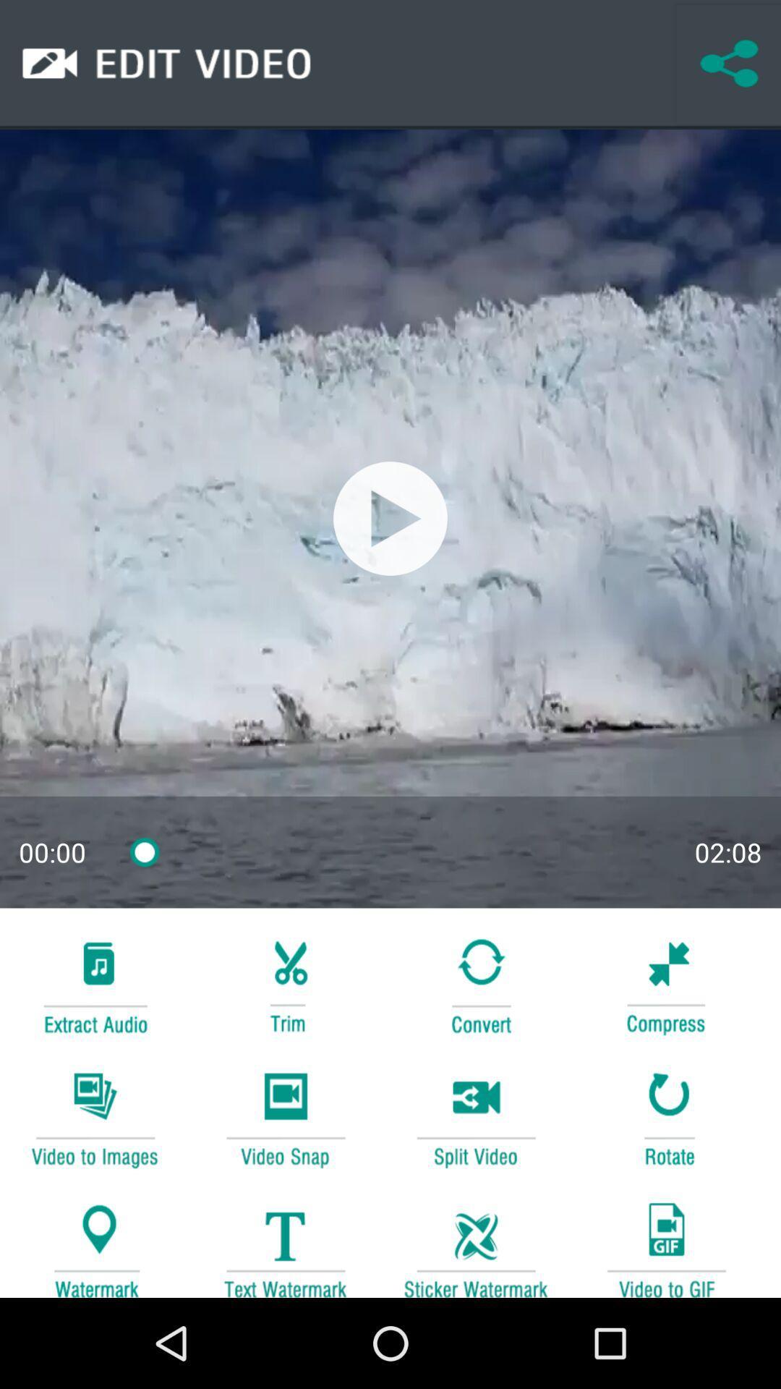  I want to click on rotate option, so click(666, 1117).